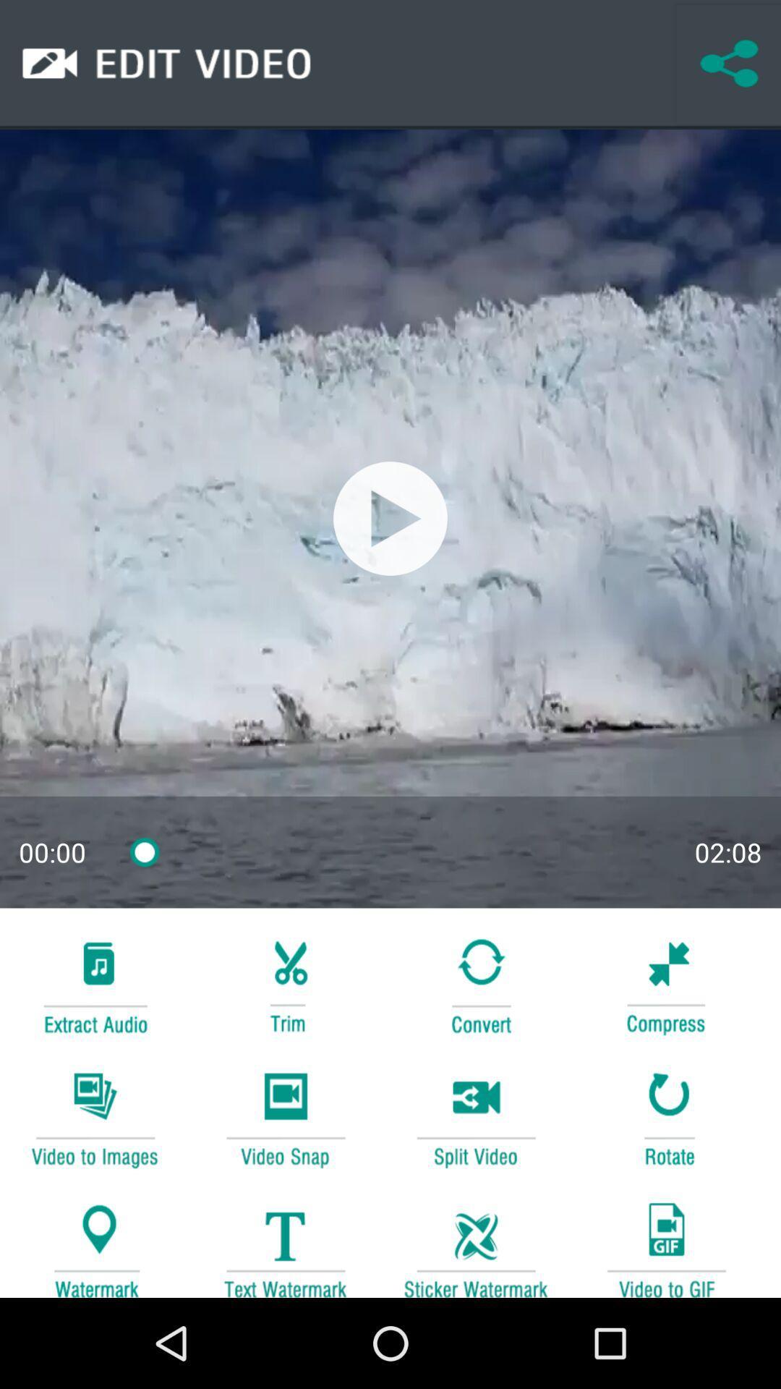  I want to click on rotate option, so click(666, 1117).